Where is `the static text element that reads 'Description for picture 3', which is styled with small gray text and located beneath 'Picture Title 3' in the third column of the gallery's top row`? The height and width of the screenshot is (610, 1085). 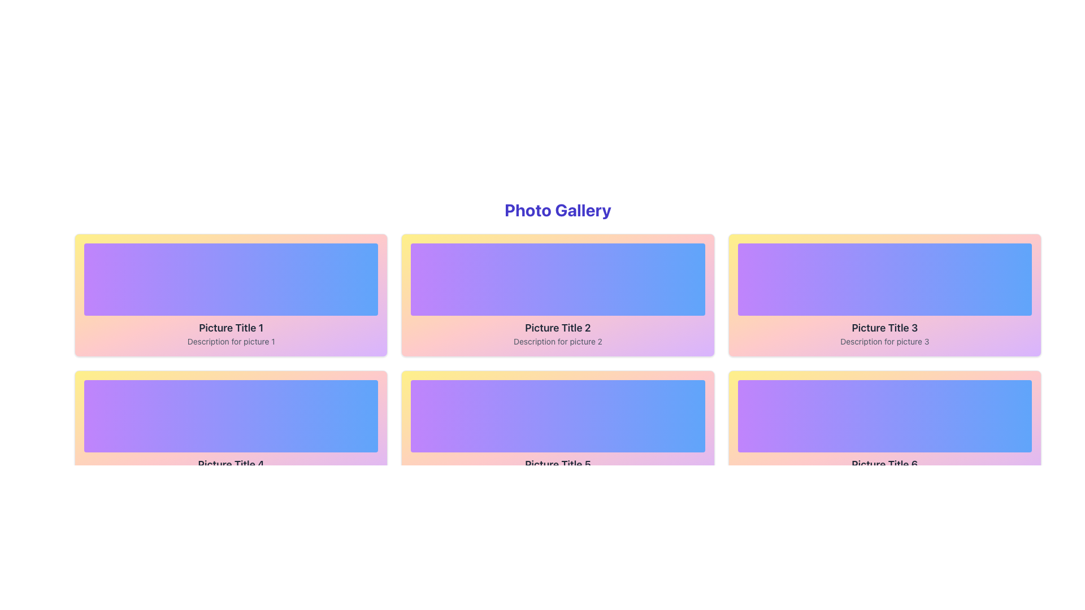
the static text element that reads 'Description for picture 3', which is styled with small gray text and located beneath 'Picture Title 3' in the third column of the gallery's top row is located at coordinates (884, 341).